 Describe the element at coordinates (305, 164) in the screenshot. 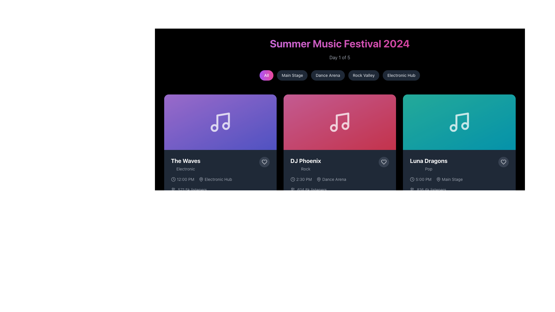

I see `text label displaying the title 'DJ Phoenix' and the subtitle 'Rock' located in the second card of the horizontally aligned grid` at that location.